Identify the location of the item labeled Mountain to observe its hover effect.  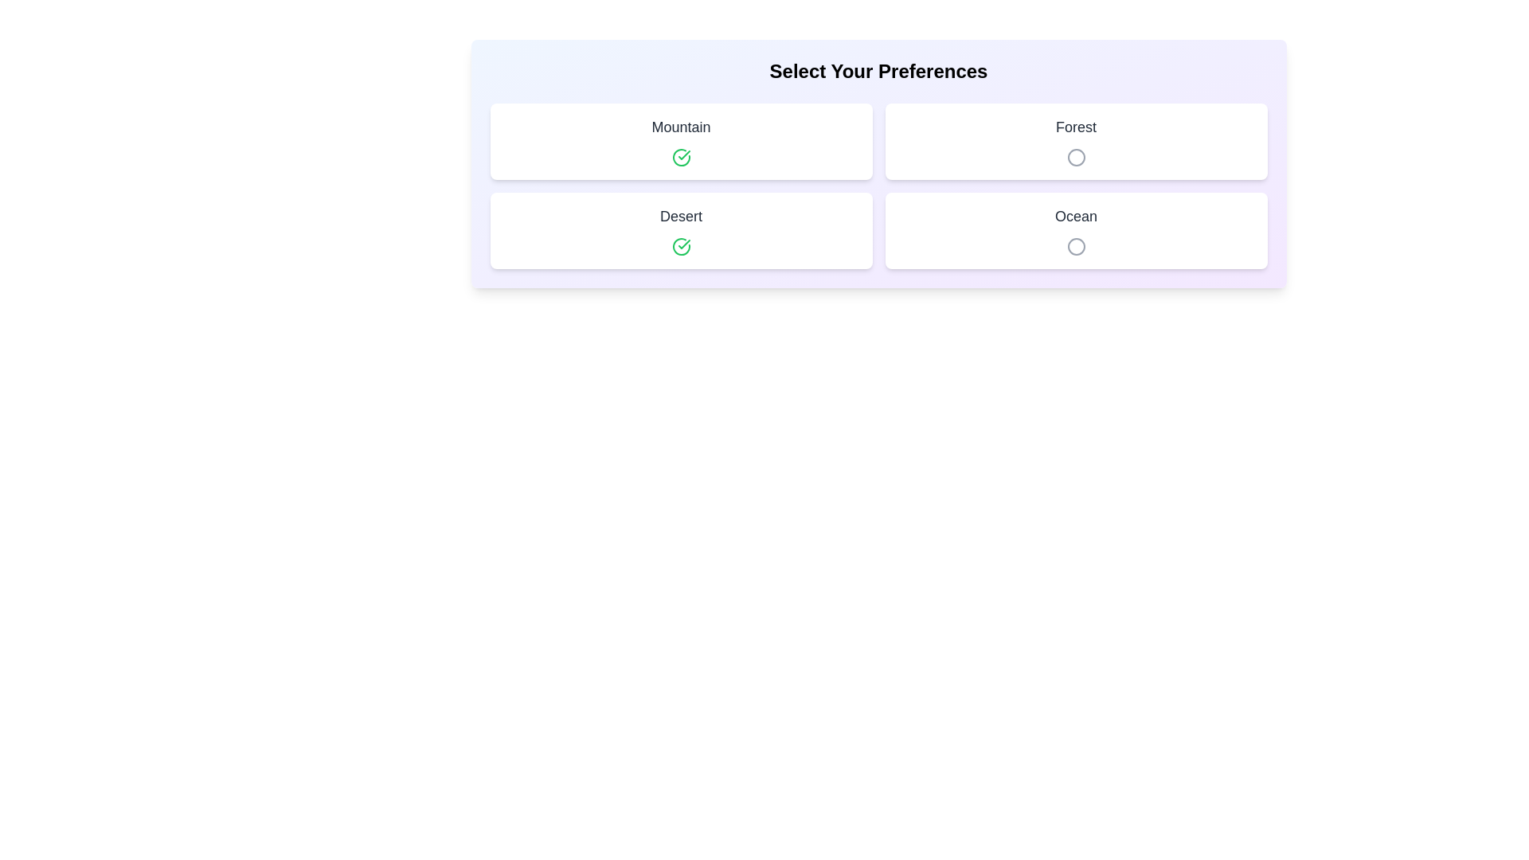
(681, 140).